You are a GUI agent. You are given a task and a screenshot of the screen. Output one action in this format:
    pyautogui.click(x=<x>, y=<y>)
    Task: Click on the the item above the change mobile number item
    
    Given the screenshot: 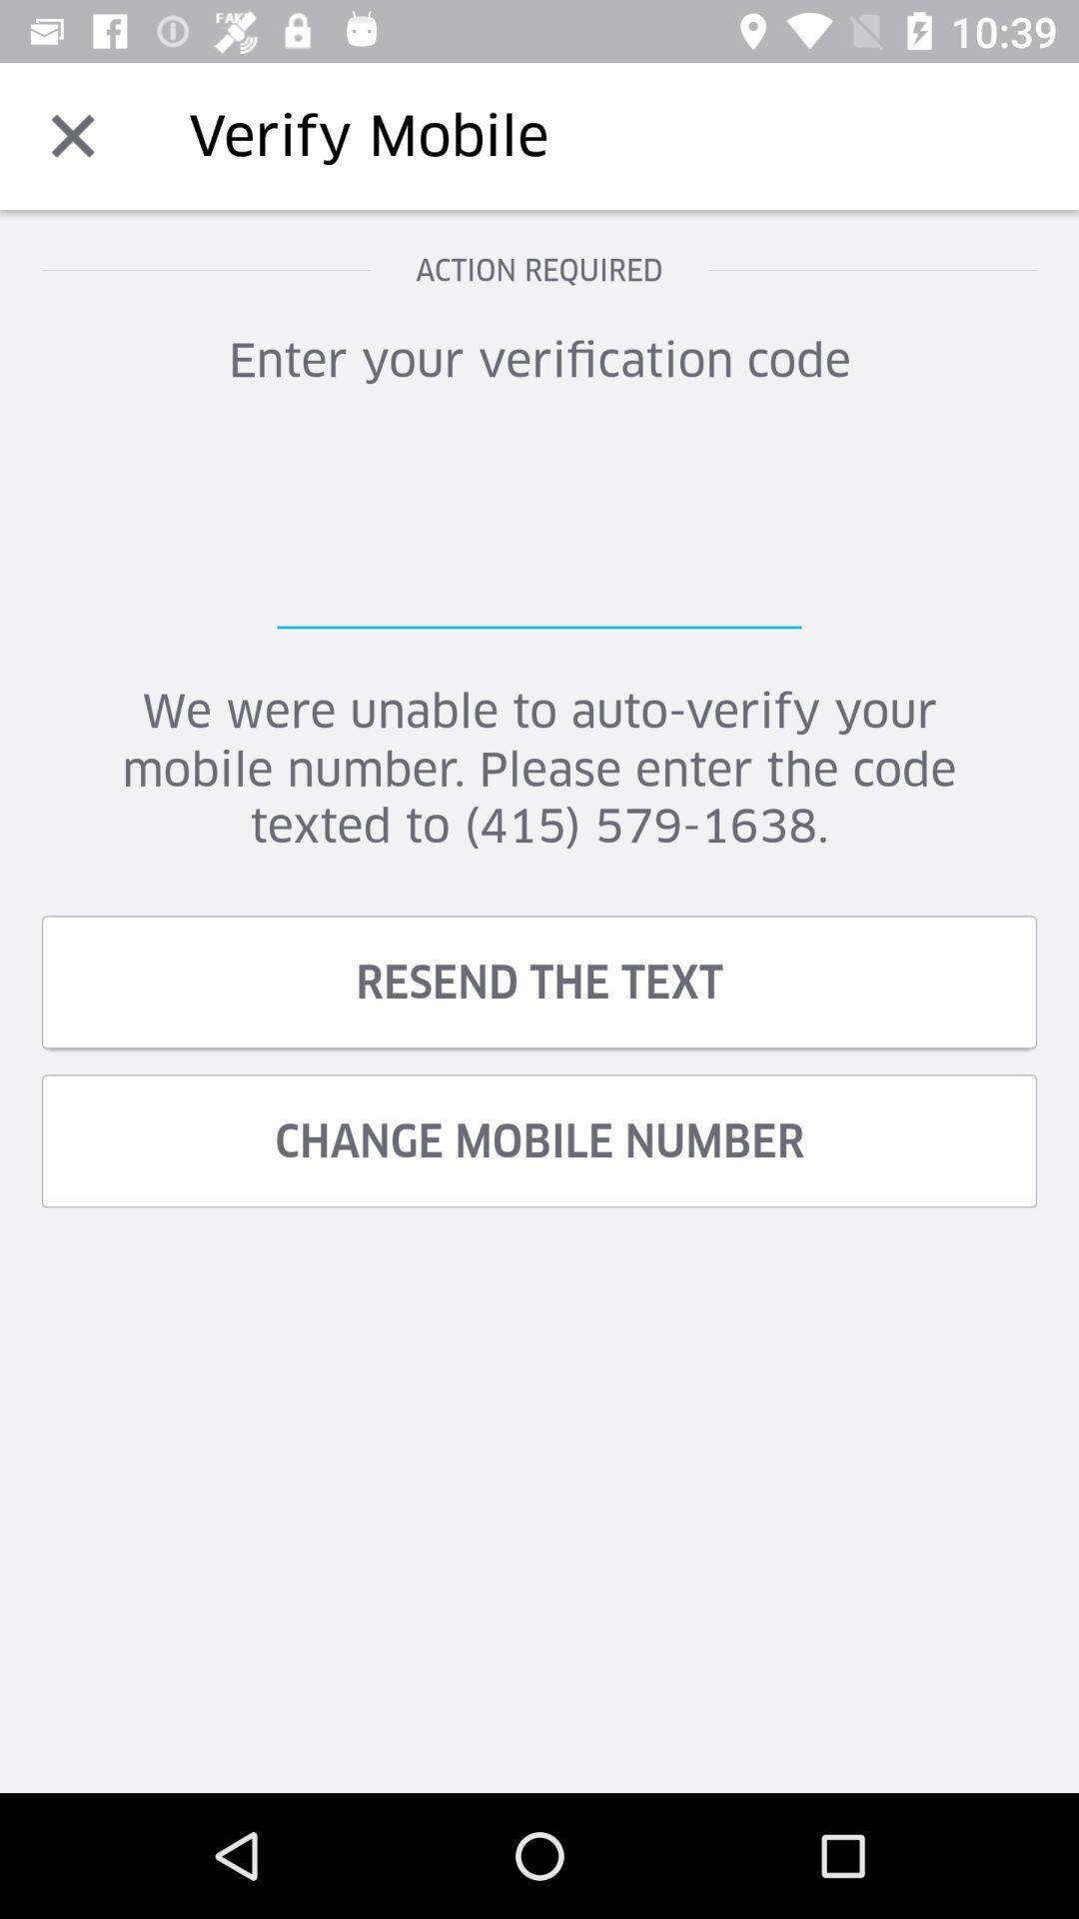 What is the action you would take?
    pyautogui.click(x=539, y=981)
    